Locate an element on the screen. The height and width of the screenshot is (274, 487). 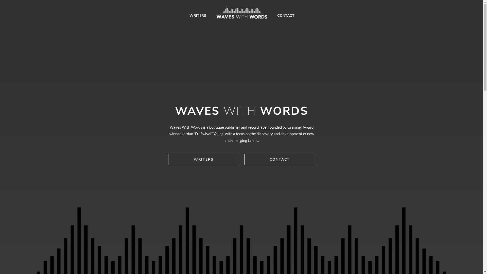
'CONTACT' is located at coordinates (286, 12).